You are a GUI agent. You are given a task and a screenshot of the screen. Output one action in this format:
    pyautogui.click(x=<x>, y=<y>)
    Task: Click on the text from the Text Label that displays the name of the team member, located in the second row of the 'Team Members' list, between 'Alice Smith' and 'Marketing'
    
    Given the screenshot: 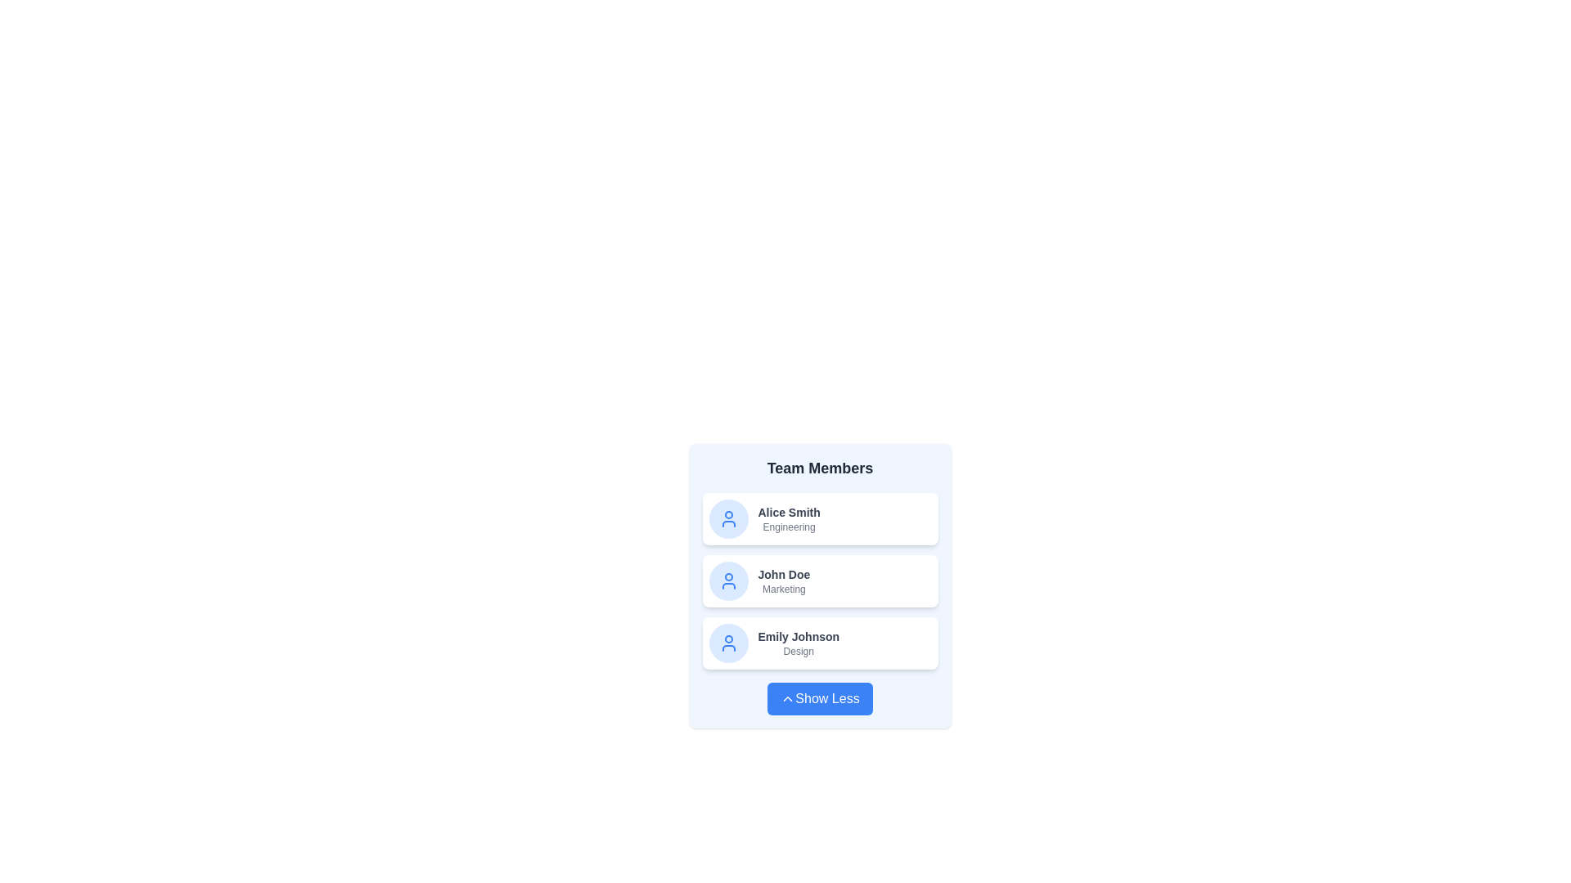 What is the action you would take?
    pyautogui.click(x=783, y=573)
    